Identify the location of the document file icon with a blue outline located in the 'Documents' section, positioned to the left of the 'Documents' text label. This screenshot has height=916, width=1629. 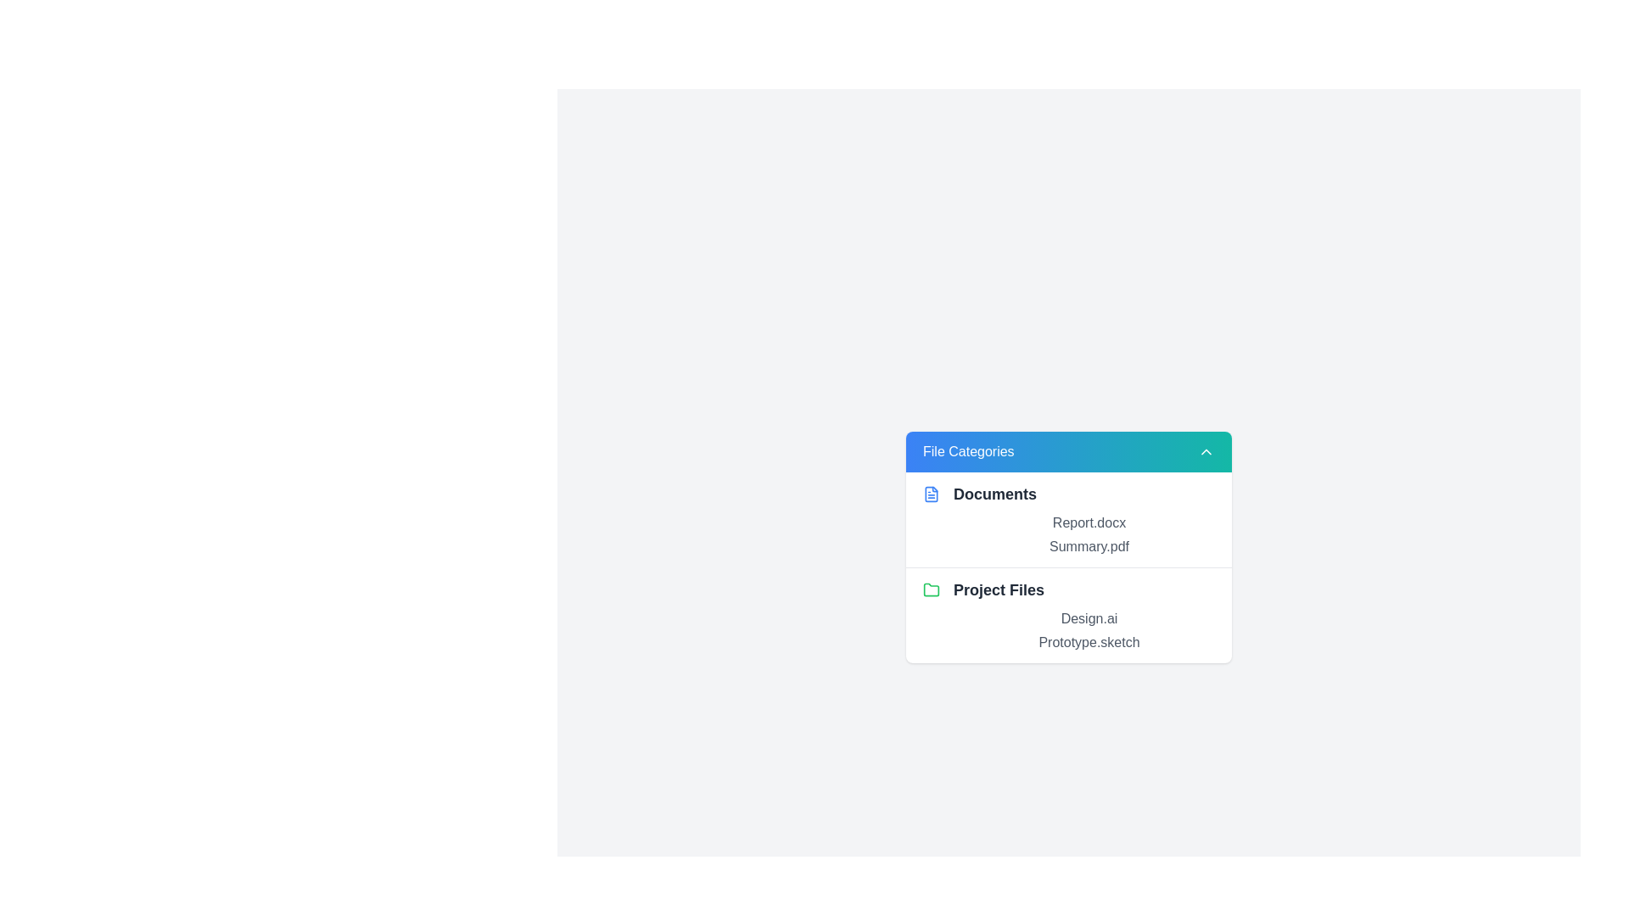
(931, 494).